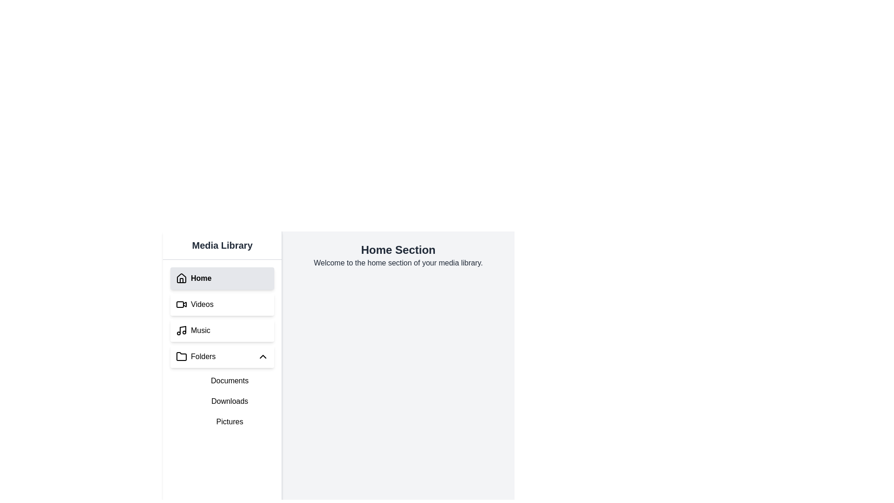 Image resolution: width=894 pixels, height=503 pixels. I want to click on the second folder link in the sidebar under the 'Folders' header, so click(222, 401).